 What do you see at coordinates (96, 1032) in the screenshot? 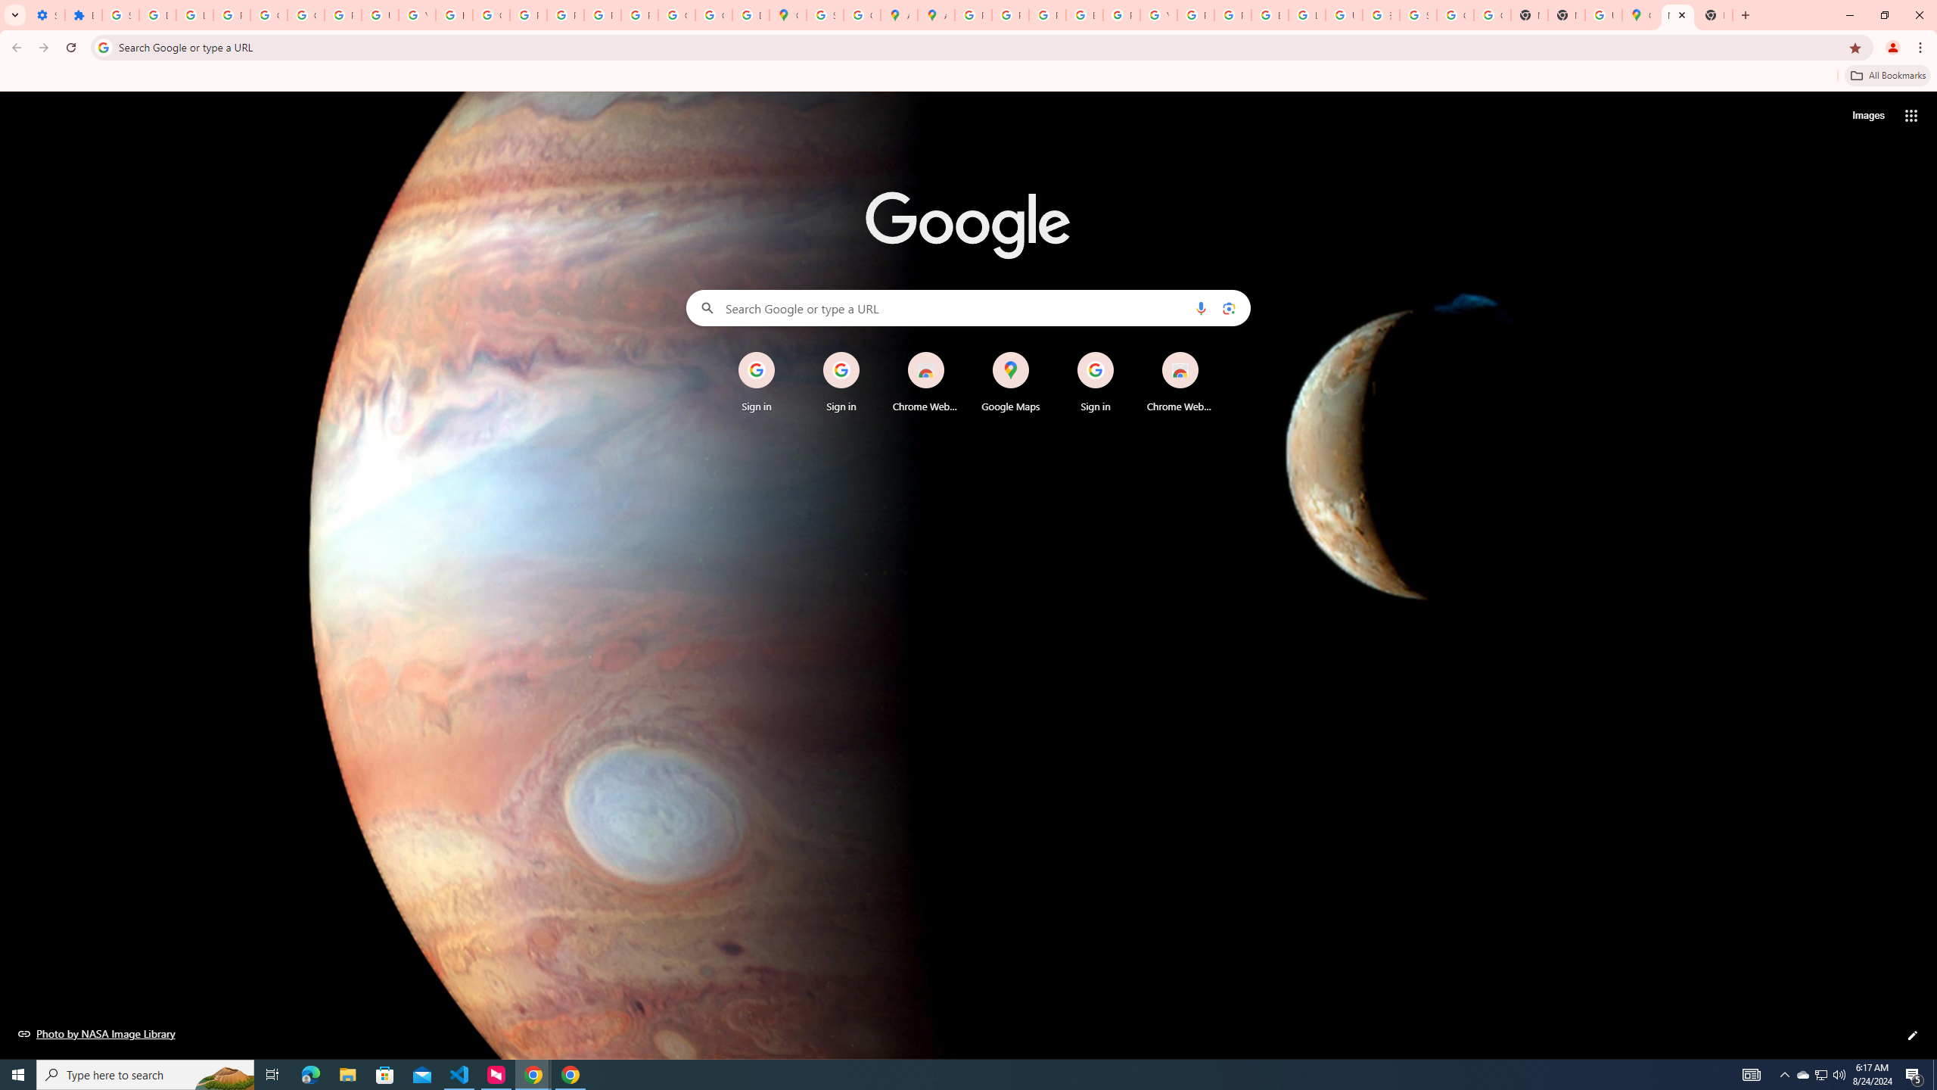
I see `'Photo by NASA Image Library'` at bounding box center [96, 1032].